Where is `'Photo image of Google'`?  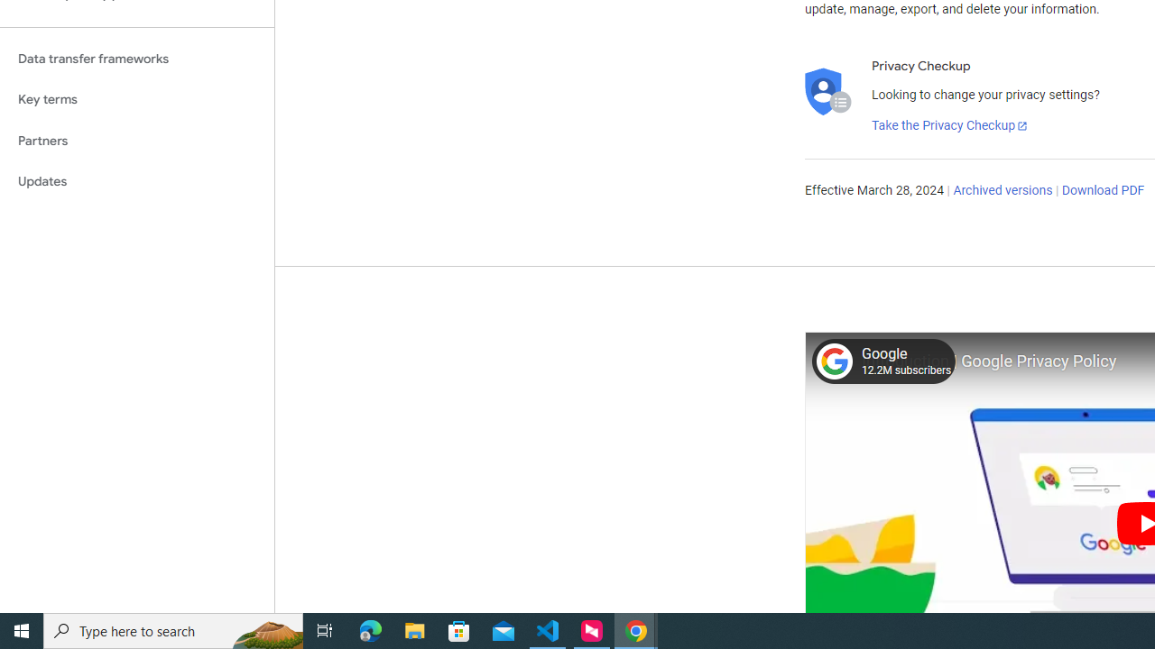
'Photo image of Google' is located at coordinates (833, 361).